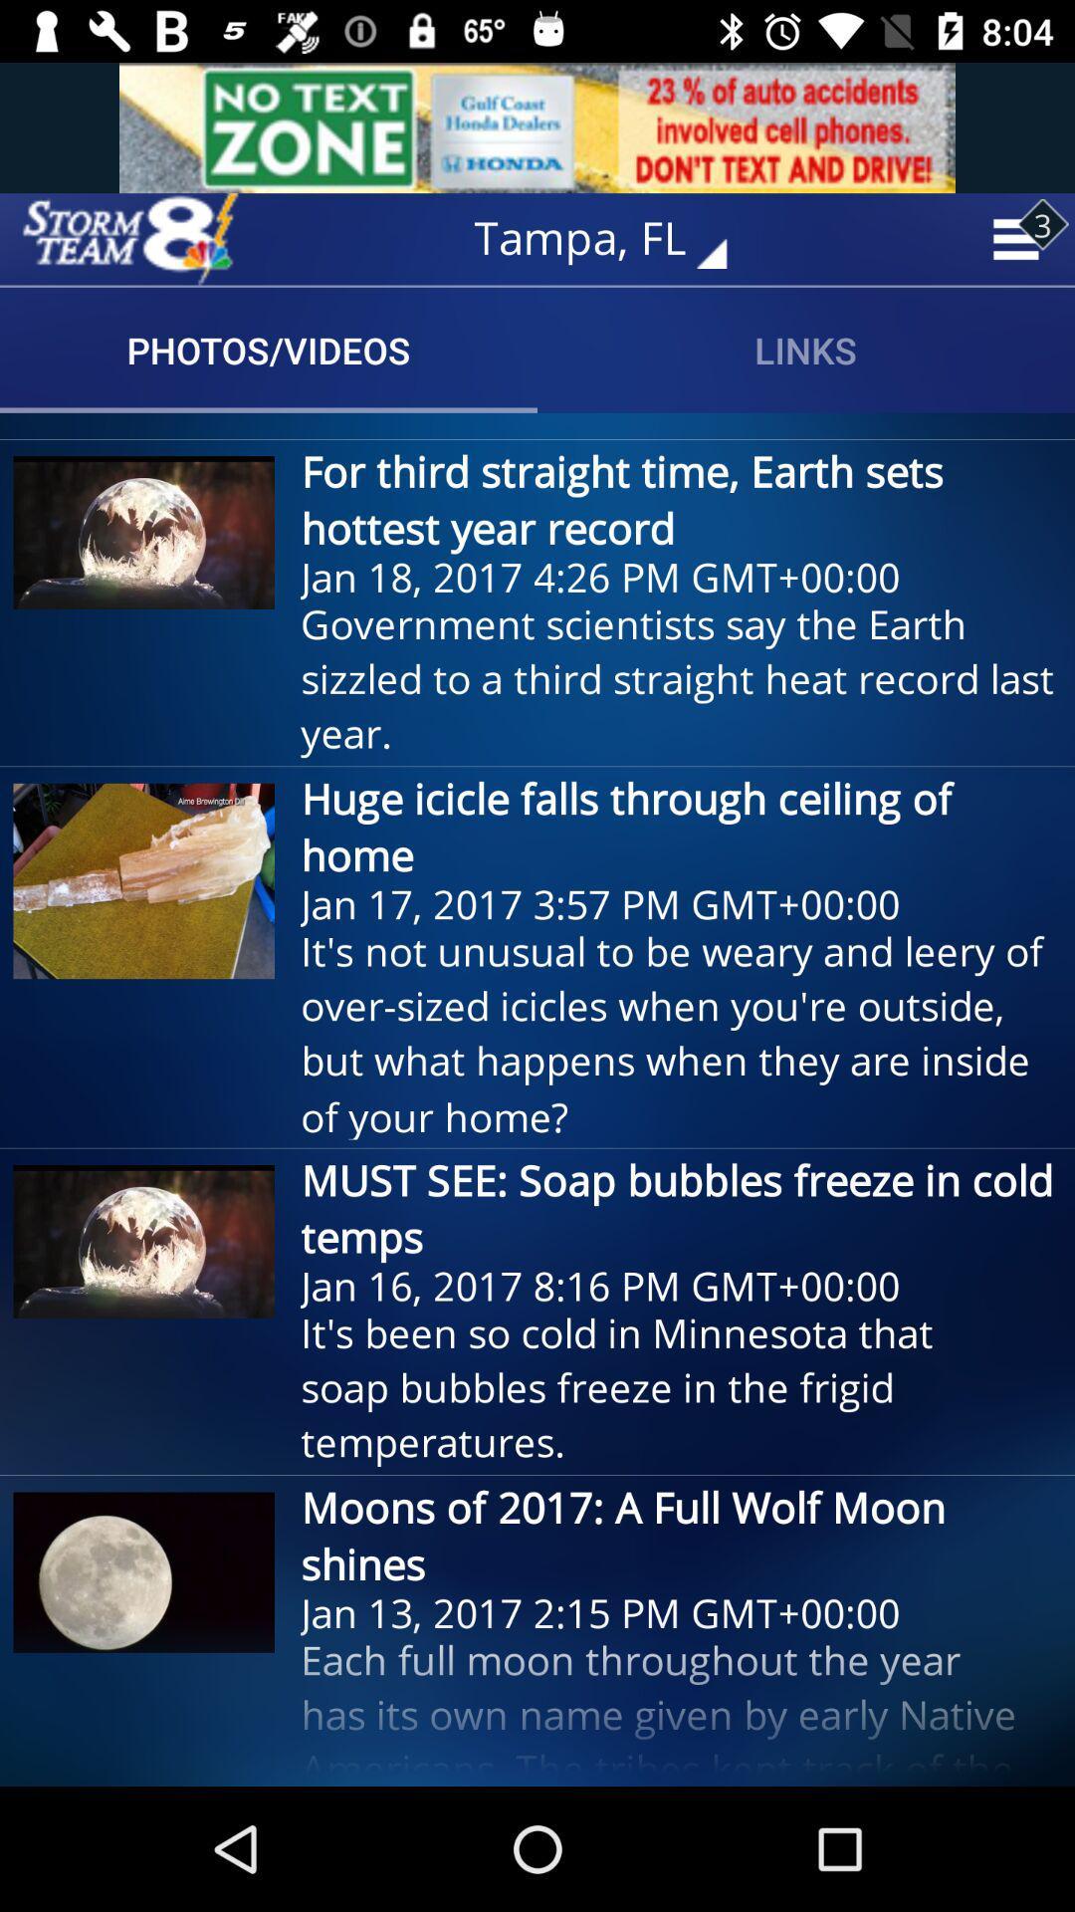 The image size is (1075, 1912). Describe the element at coordinates (537, 126) in the screenshot. I see `advertisements website` at that location.